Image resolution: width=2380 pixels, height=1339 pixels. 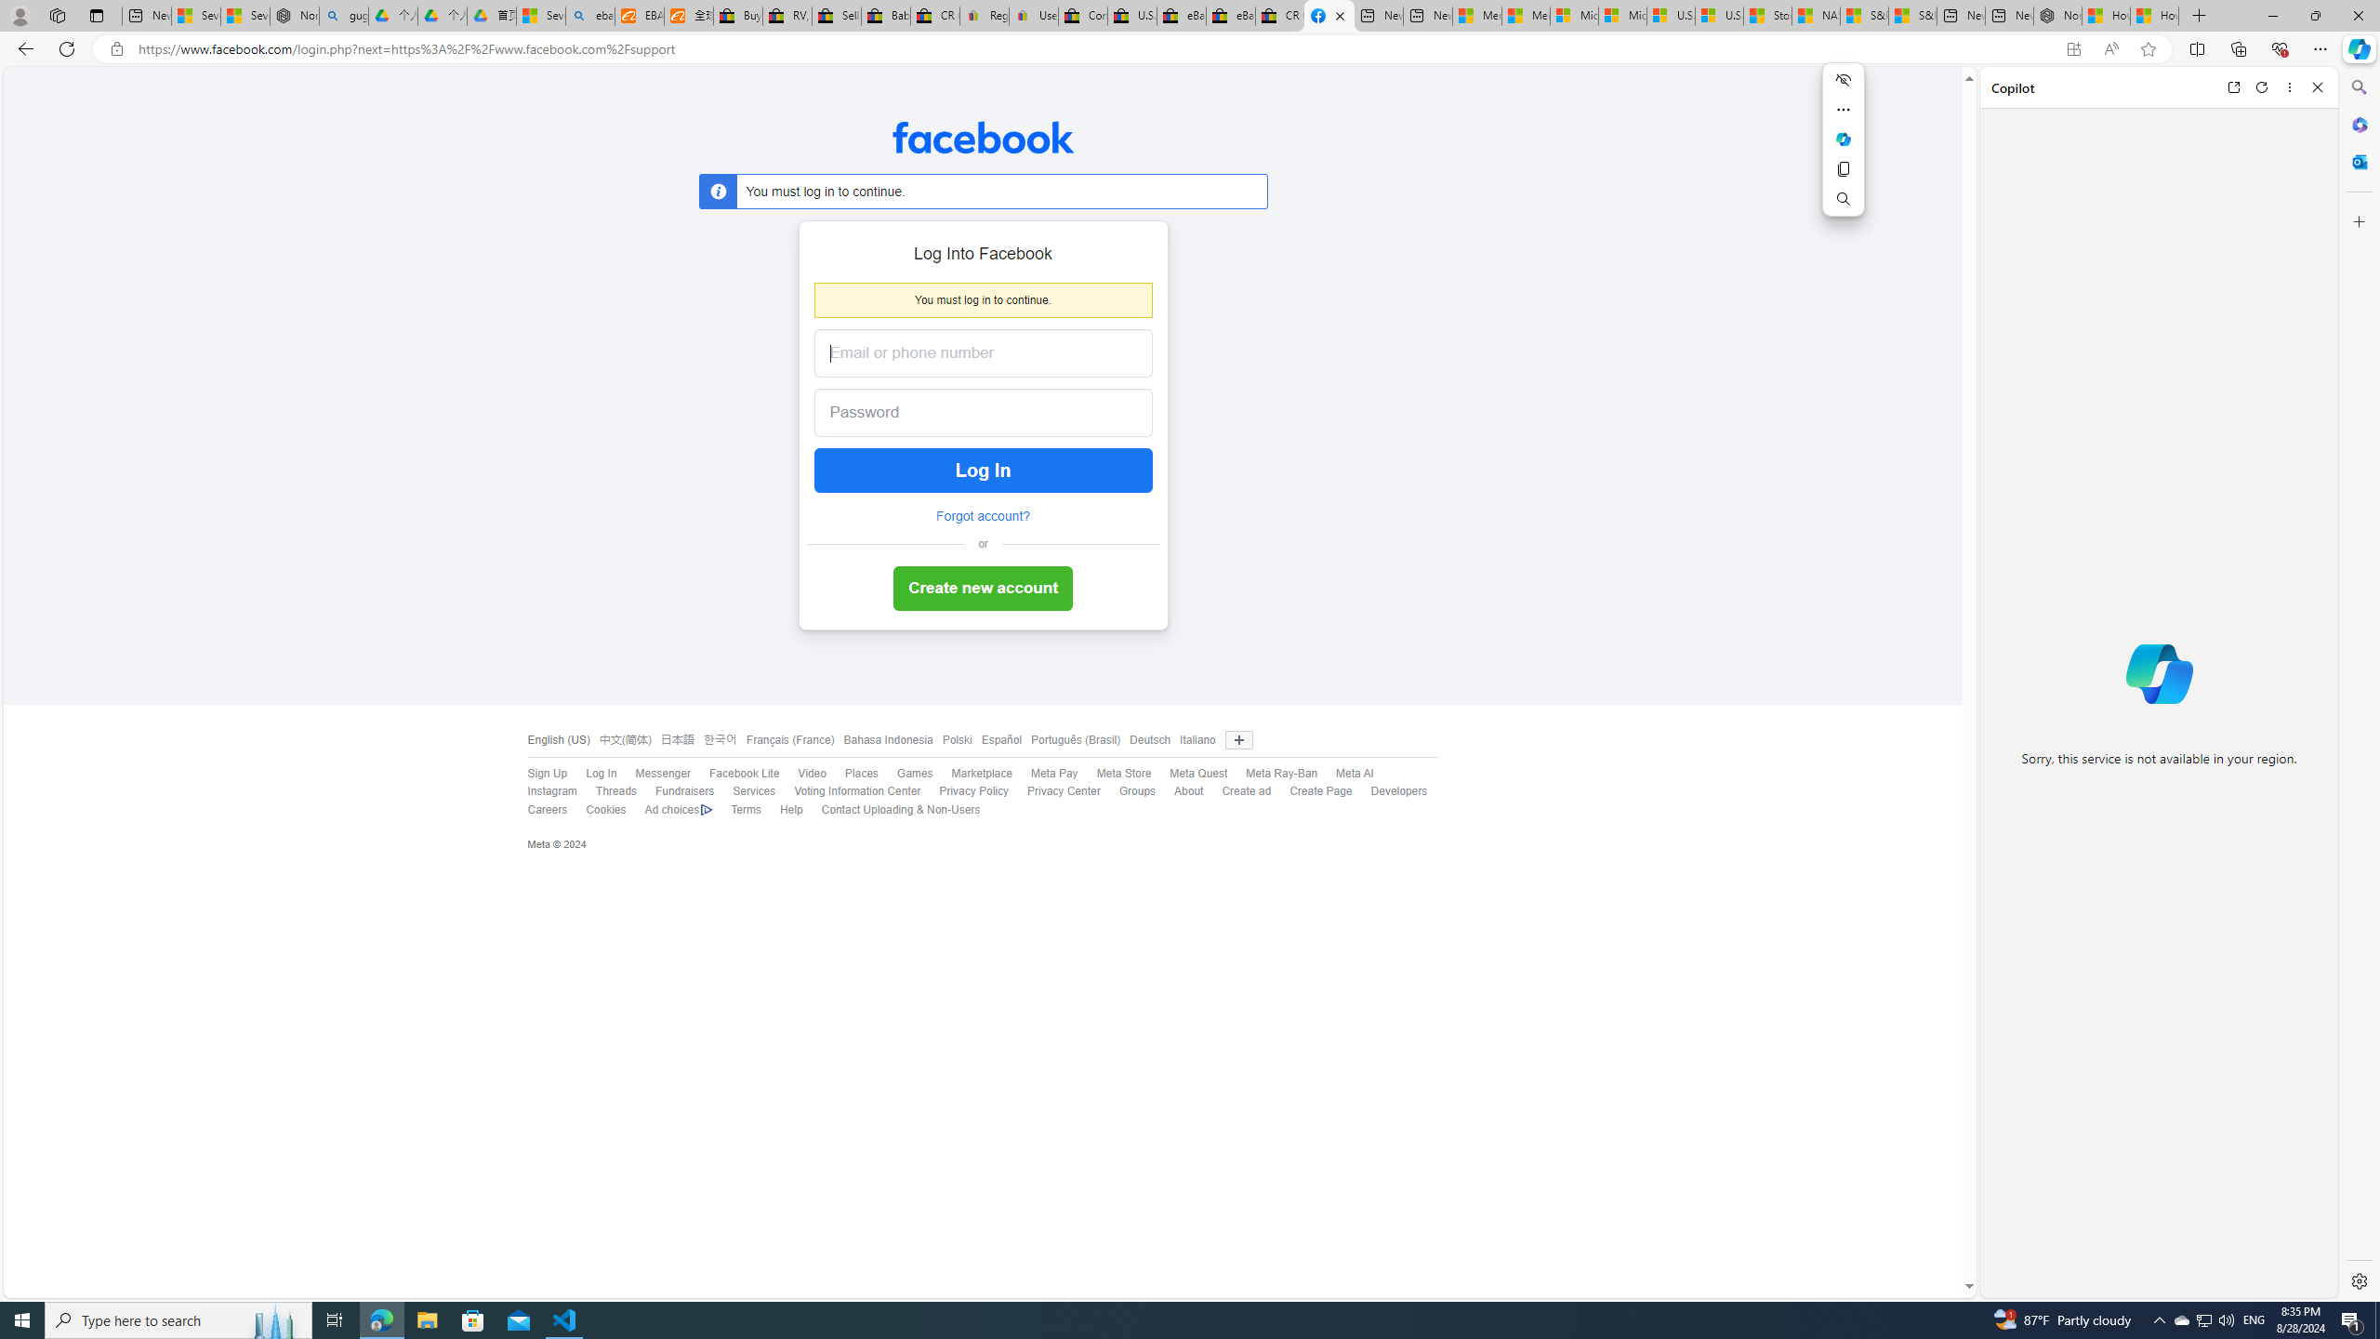 What do you see at coordinates (2232, 86) in the screenshot?
I see `'Open link in new tab'` at bounding box center [2232, 86].